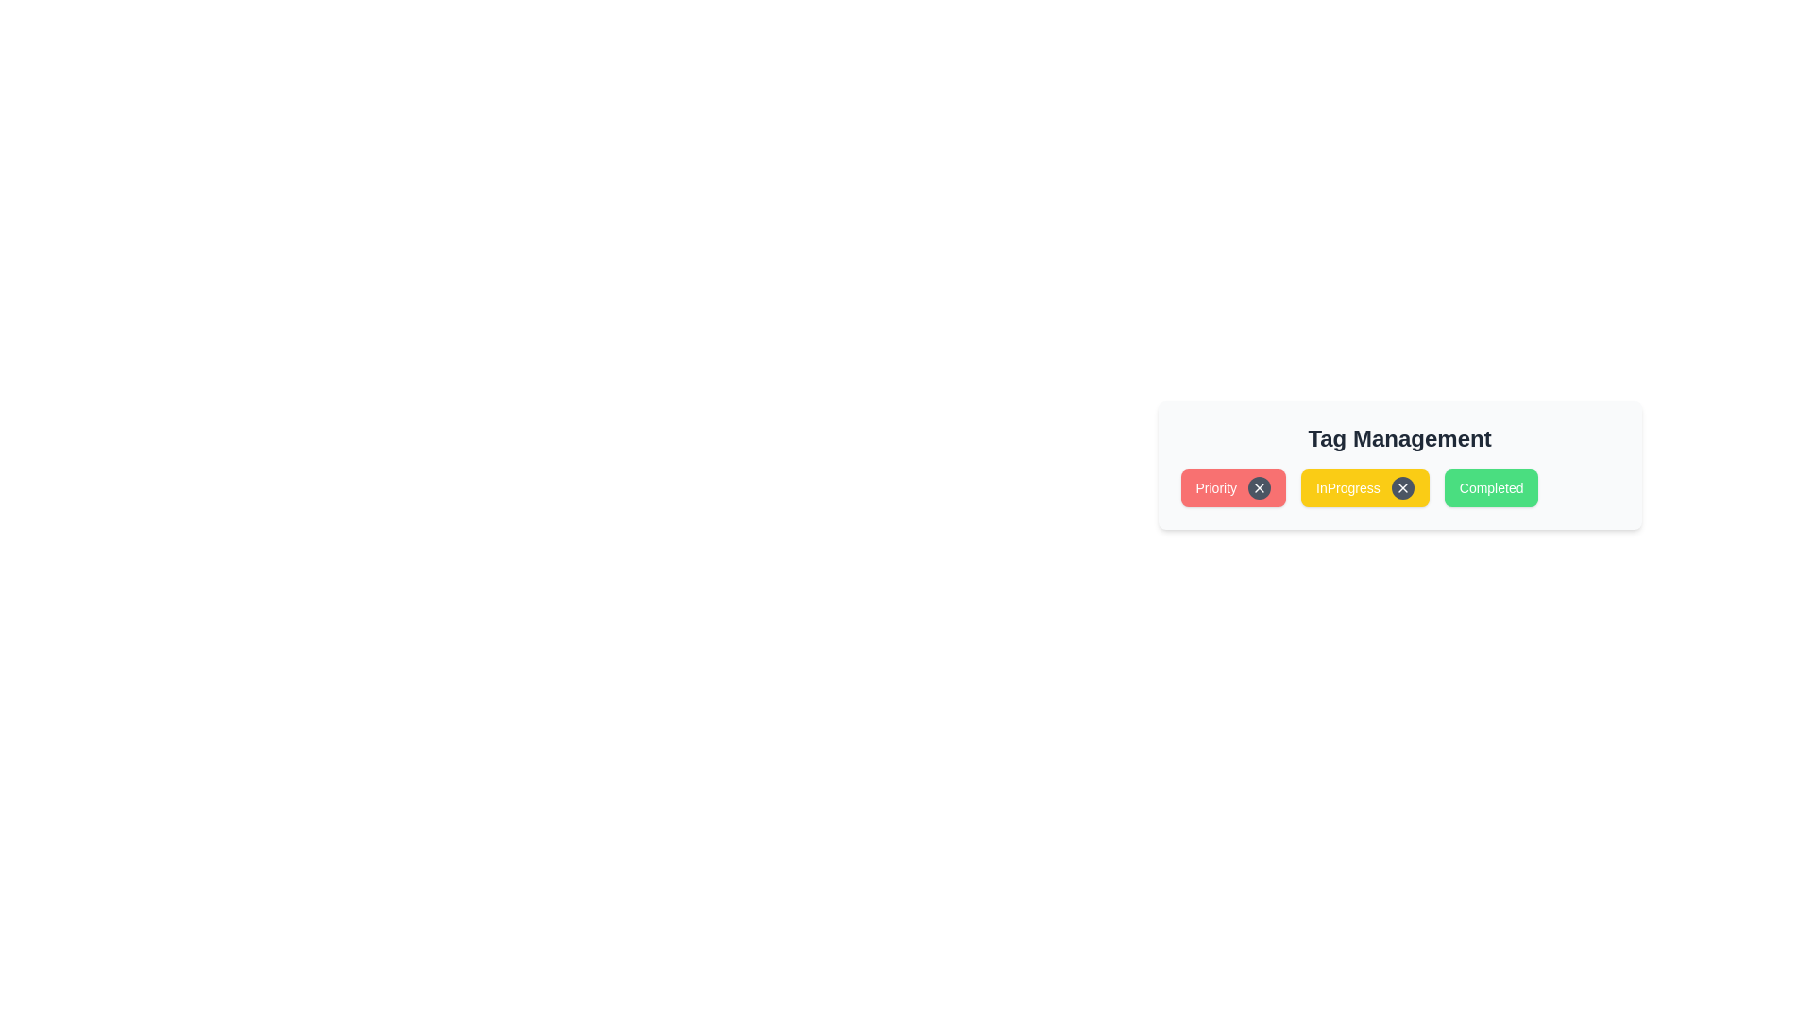 This screenshot has height=1020, width=1813. Describe the element at coordinates (1402, 486) in the screenshot. I see `the close button of the InProgress tag` at that location.